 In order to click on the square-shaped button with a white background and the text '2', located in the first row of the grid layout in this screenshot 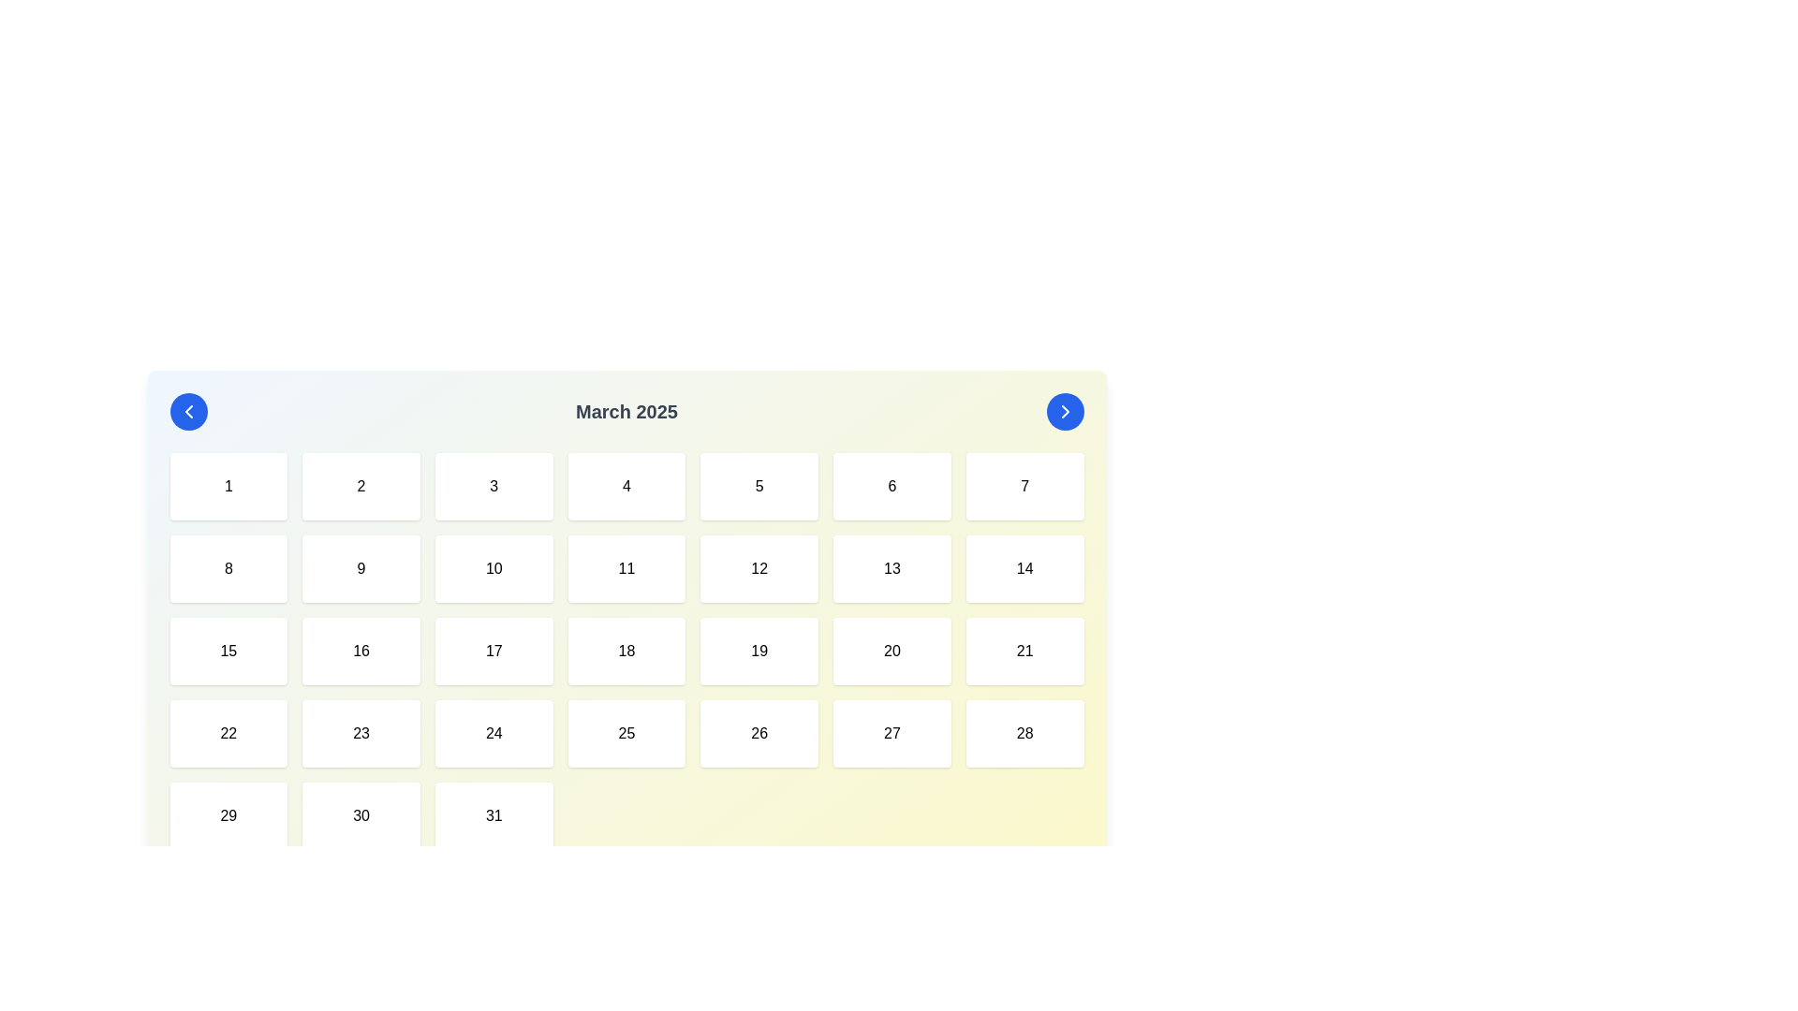, I will do `click(361, 486)`.